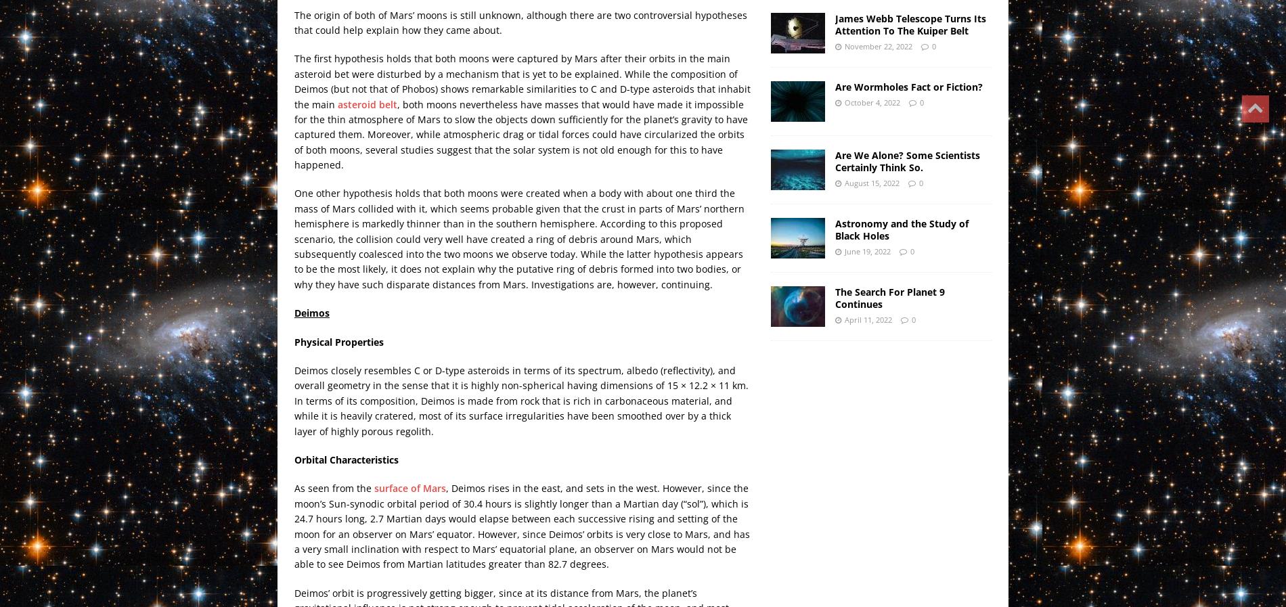  Describe the element at coordinates (870, 182) in the screenshot. I see `'August 15, 2022'` at that location.